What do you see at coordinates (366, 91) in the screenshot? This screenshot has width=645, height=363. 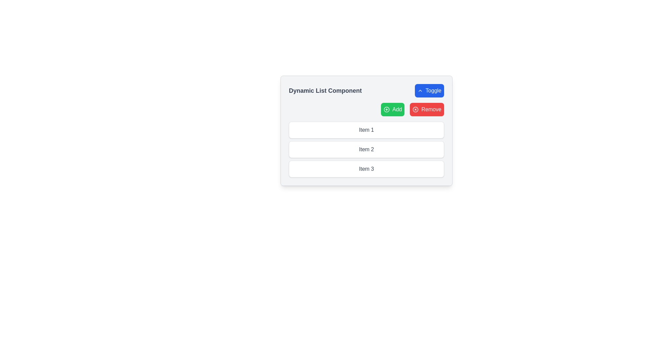 I see `the 'Dynamic List Component' title by moving the cursor to its center in the Collapsible Header Bar` at bounding box center [366, 91].